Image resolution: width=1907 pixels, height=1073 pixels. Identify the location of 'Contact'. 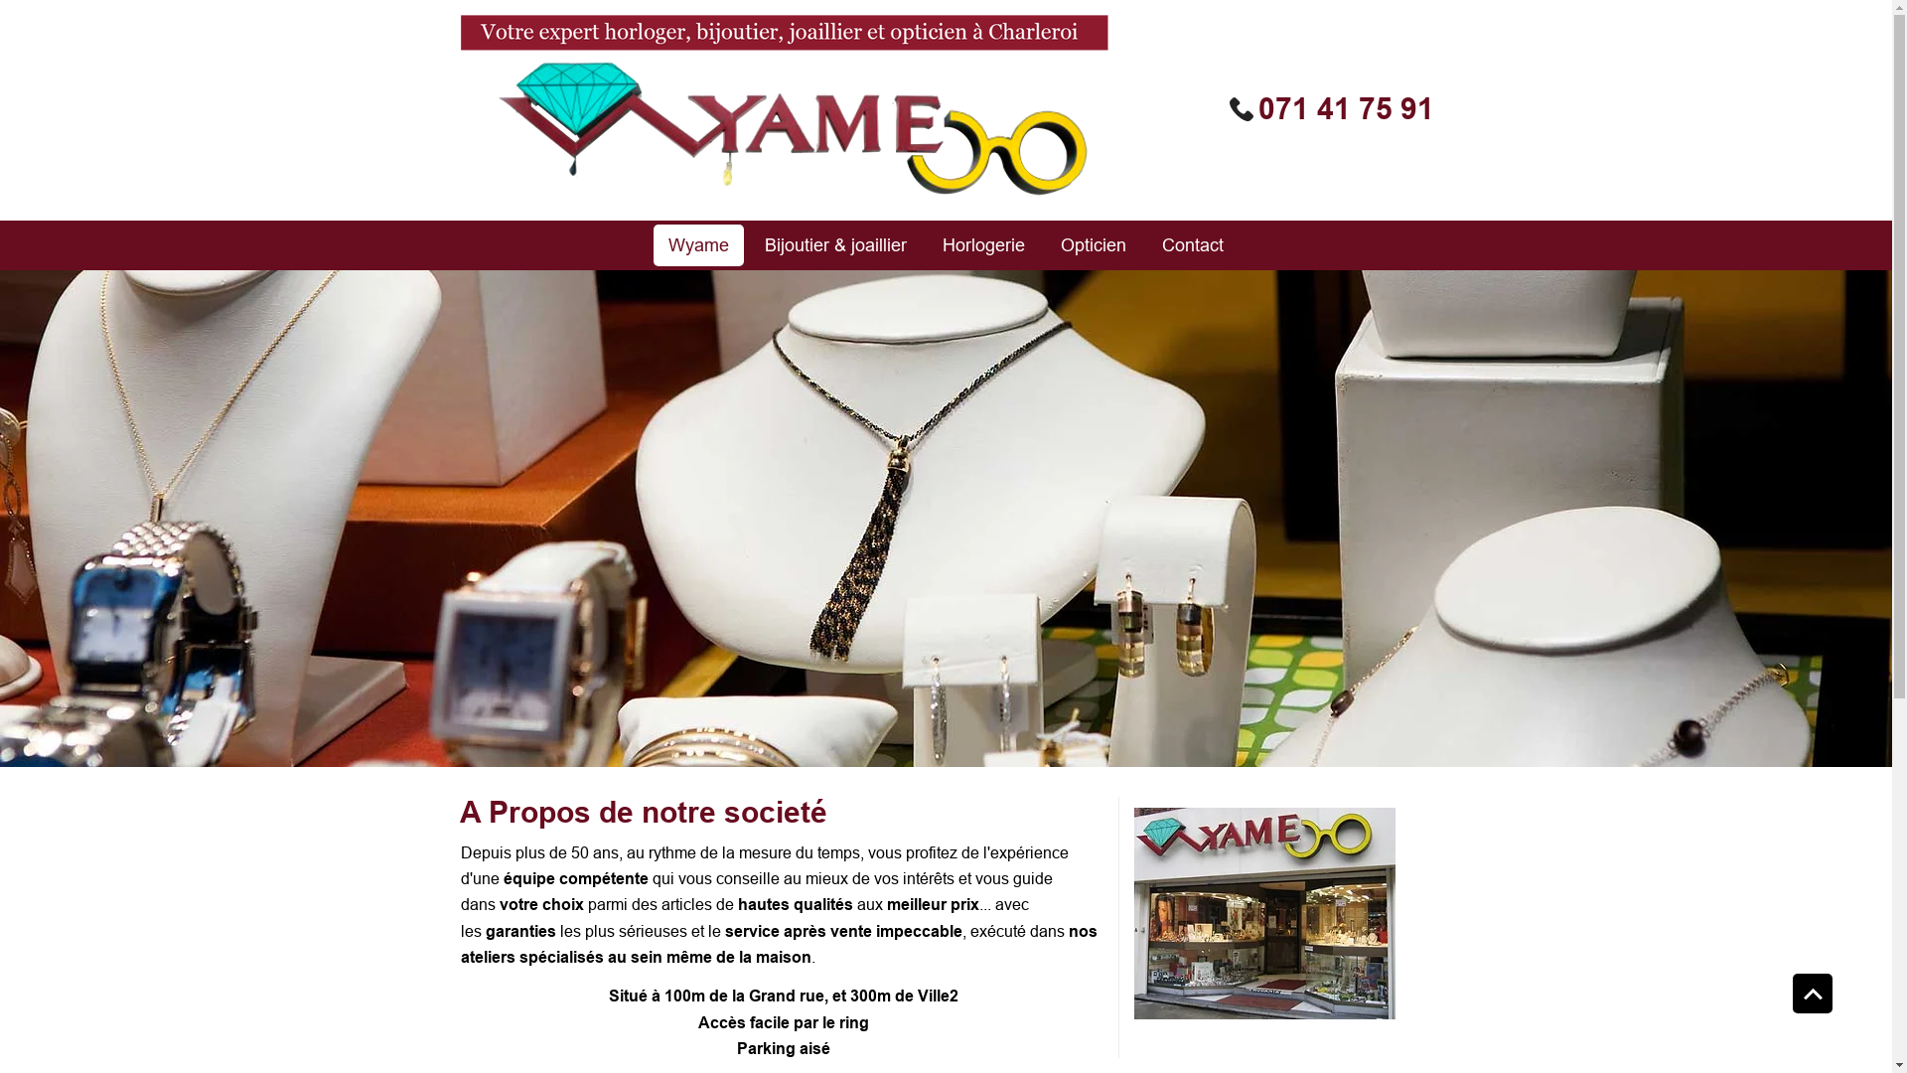
(1192, 243).